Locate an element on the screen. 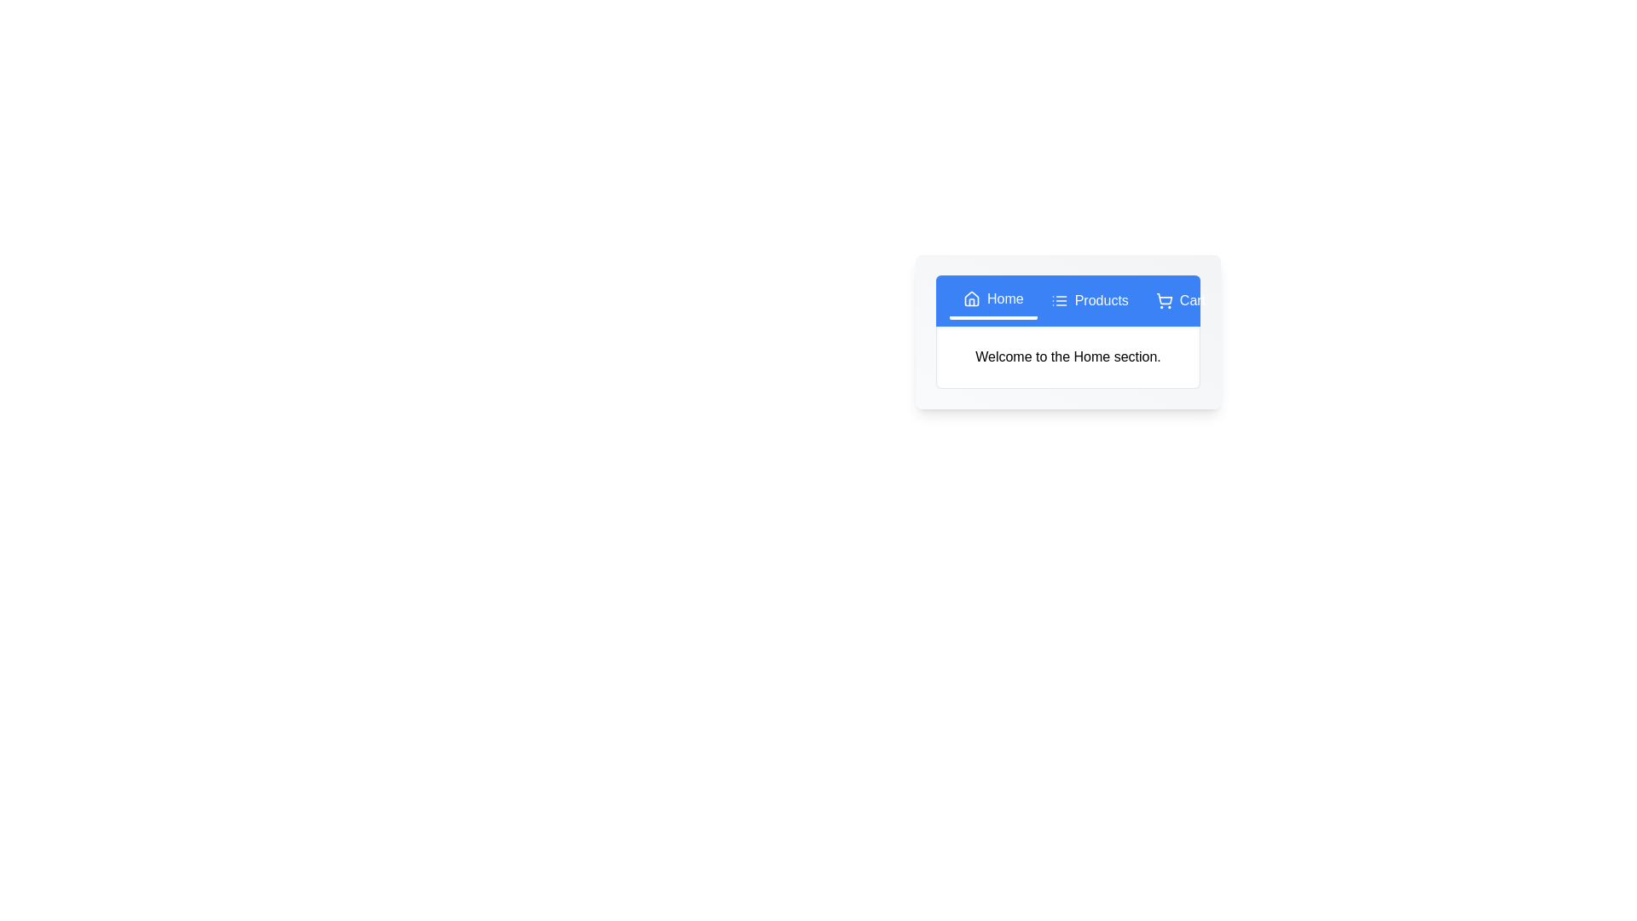 The width and height of the screenshot is (1637, 921). the 'Home' tab to view its content is located at coordinates (993, 300).